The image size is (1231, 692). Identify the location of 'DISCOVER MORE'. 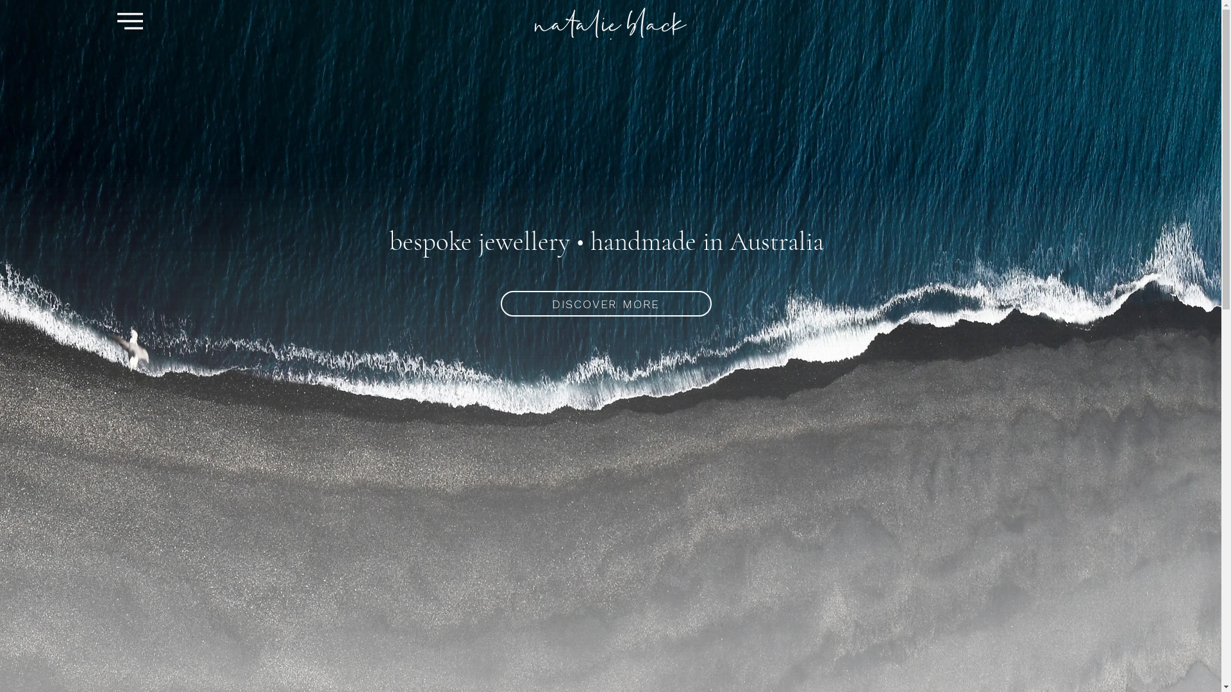
(605, 304).